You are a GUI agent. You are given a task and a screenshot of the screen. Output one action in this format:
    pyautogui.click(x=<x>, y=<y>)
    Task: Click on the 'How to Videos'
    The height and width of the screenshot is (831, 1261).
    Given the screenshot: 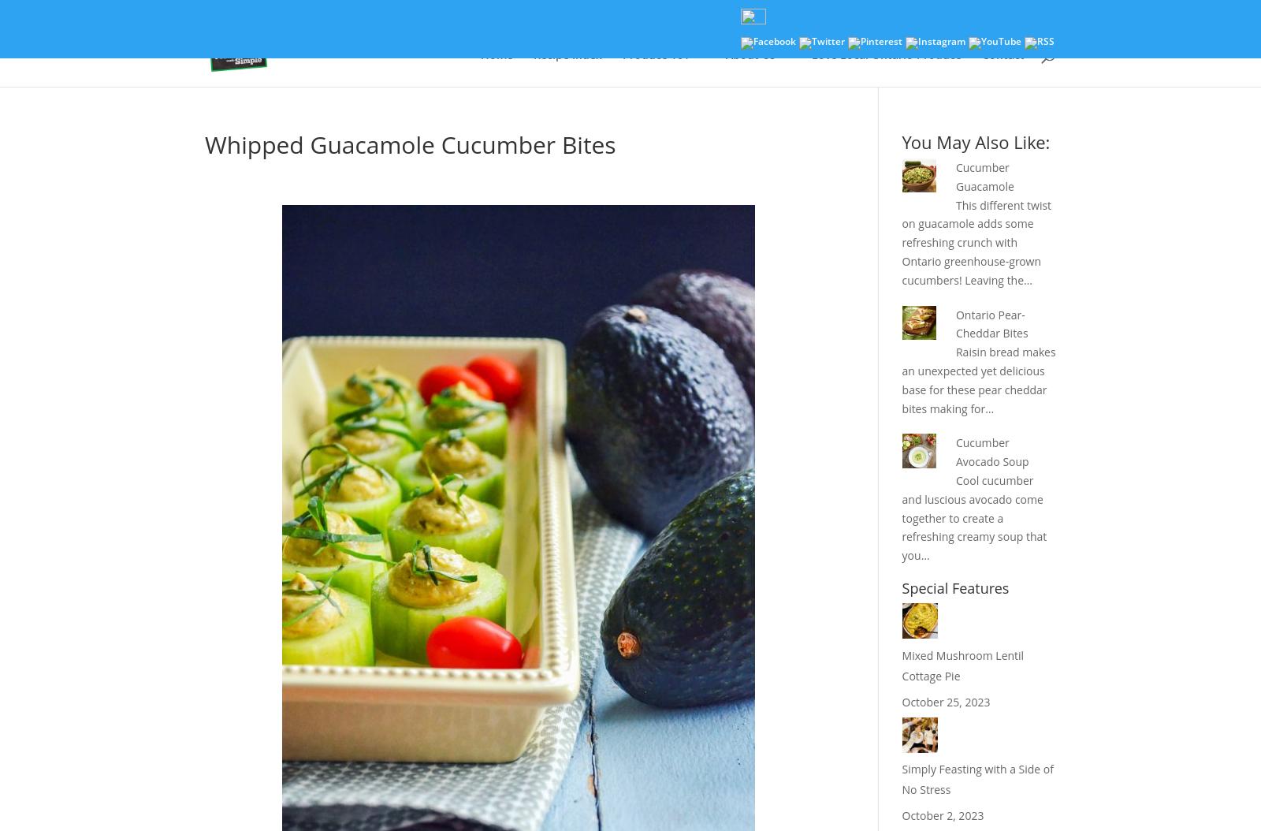 What is the action you would take?
    pyautogui.click(x=693, y=151)
    